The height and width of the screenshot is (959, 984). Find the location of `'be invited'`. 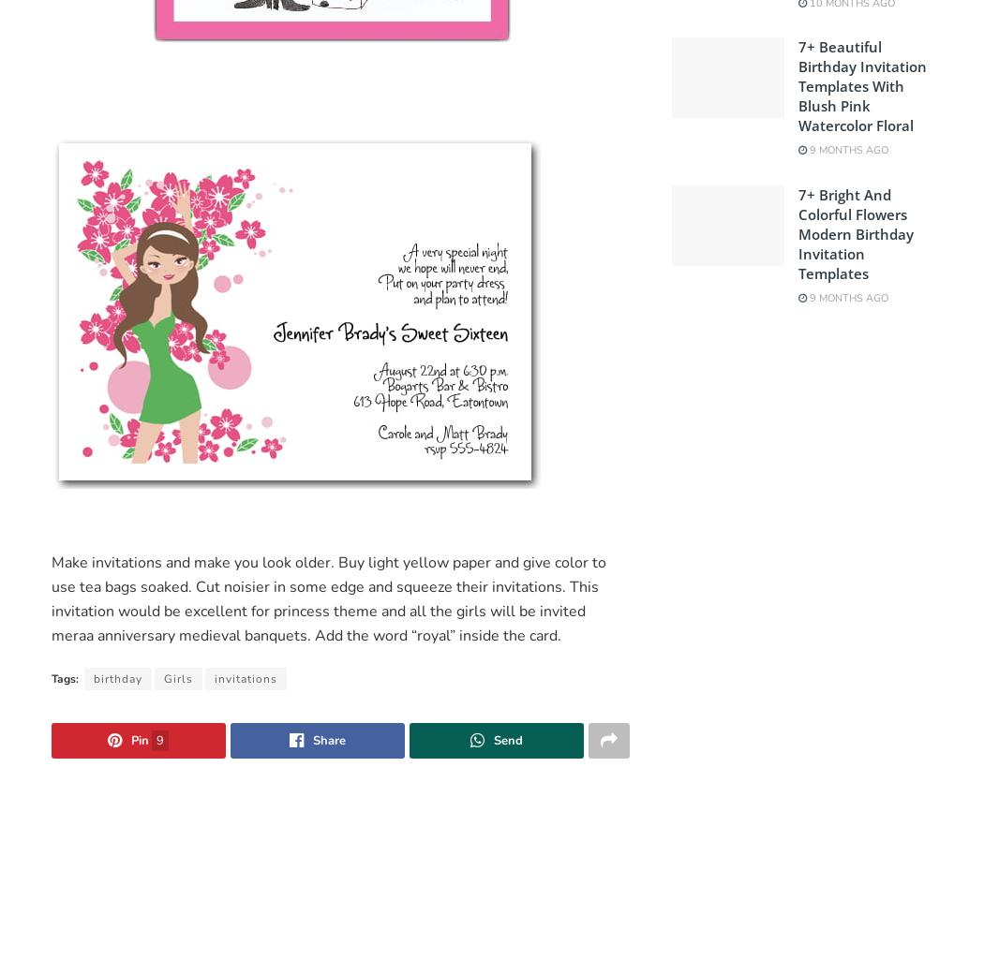

'be invited' is located at coordinates (551, 609).